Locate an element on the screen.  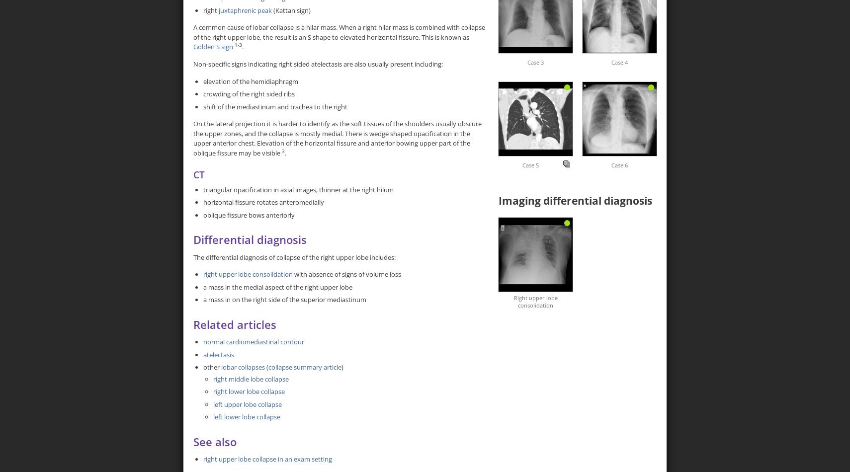
'Non-specific signs indicating right sided atelectasis are also usually present including:' is located at coordinates (318, 63).